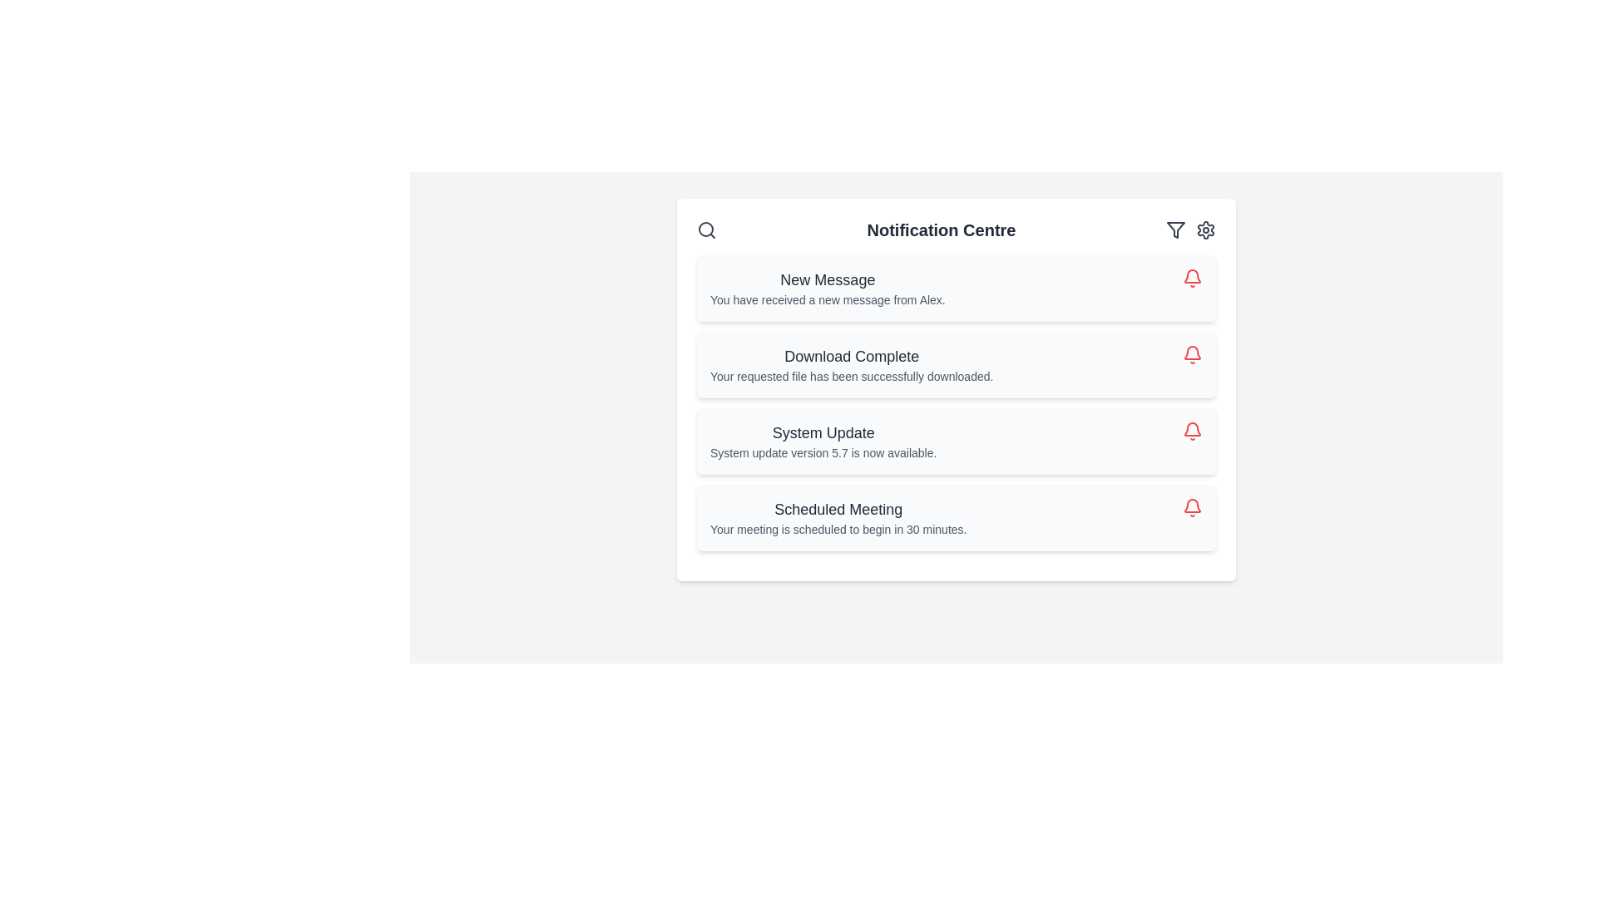 This screenshot has height=898, width=1597. What do you see at coordinates (838, 529) in the screenshot?
I see `the text block displaying the message 'Your meeting is scheduled to begin in 30 minutes.' which is located within the 'Scheduled Meeting' notification card in the Notification Centre` at bounding box center [838, 529].